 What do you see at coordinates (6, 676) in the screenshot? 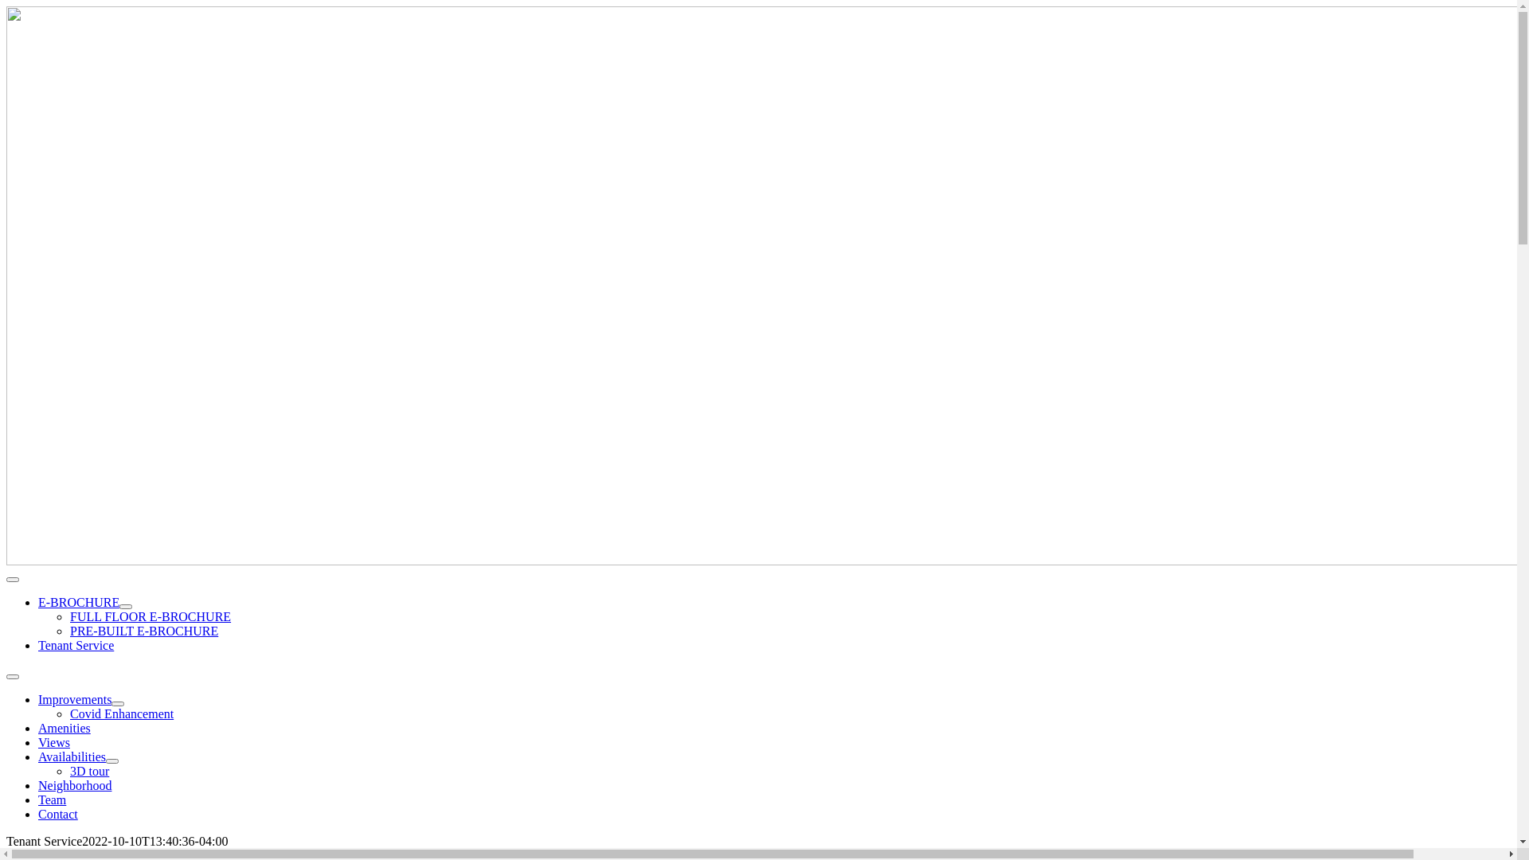
I see `'Toggle Navigation'` at bounding box center [6, 676].